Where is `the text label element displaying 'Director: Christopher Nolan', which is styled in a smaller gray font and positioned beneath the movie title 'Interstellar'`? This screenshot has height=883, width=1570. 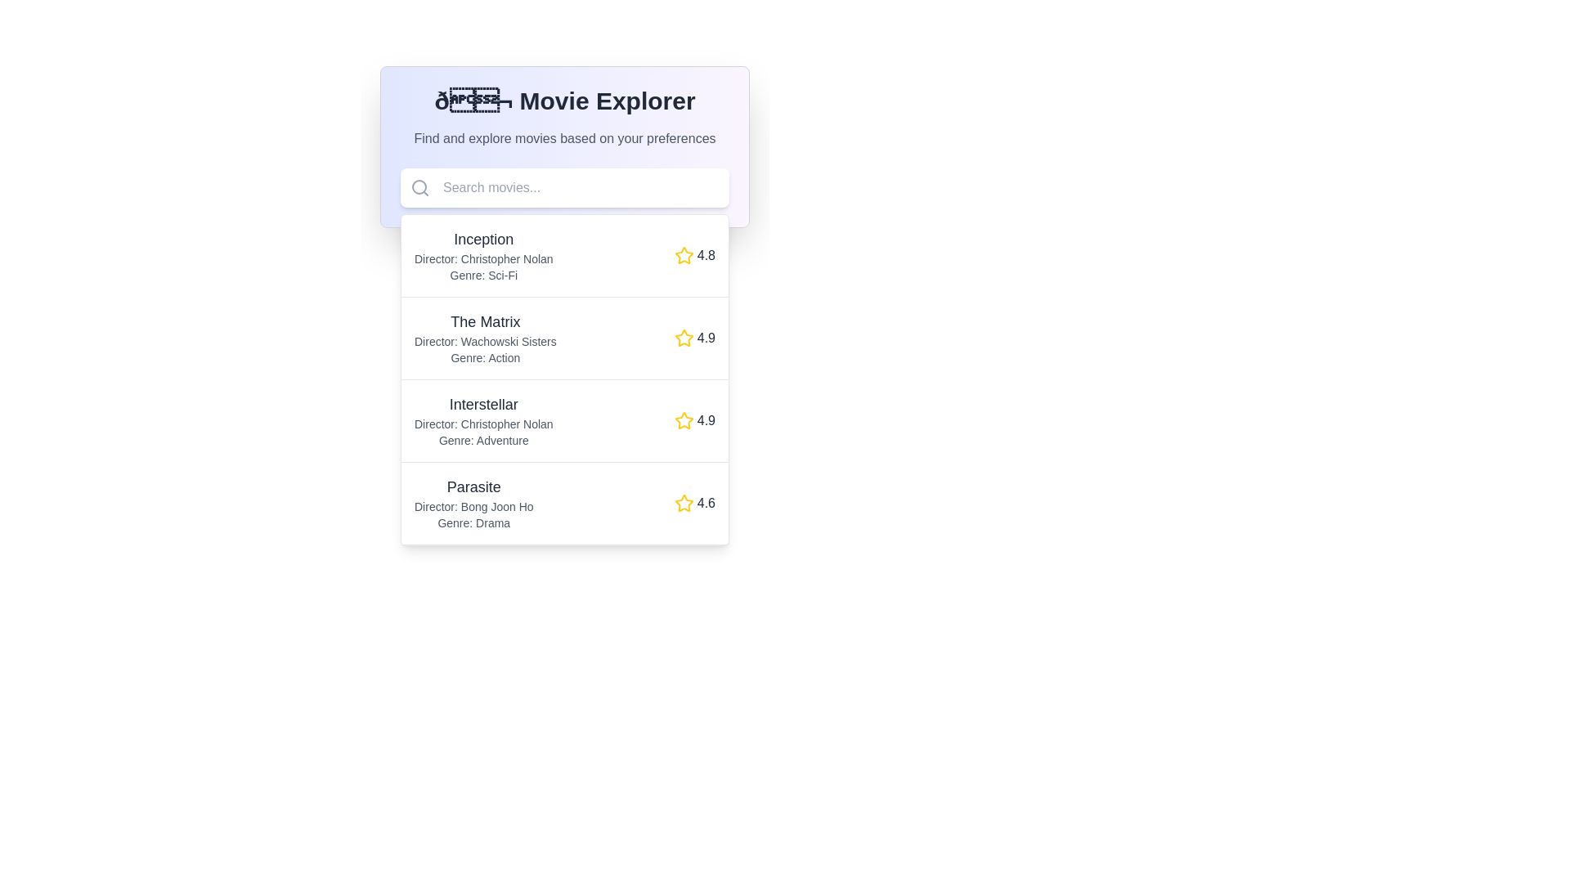
the text label element displaying 'Director: Christopher Nolan', which is styled in a smaller gray font and positioned beneath the movie title 'Interstellar' is located at coordinates (482, 424).